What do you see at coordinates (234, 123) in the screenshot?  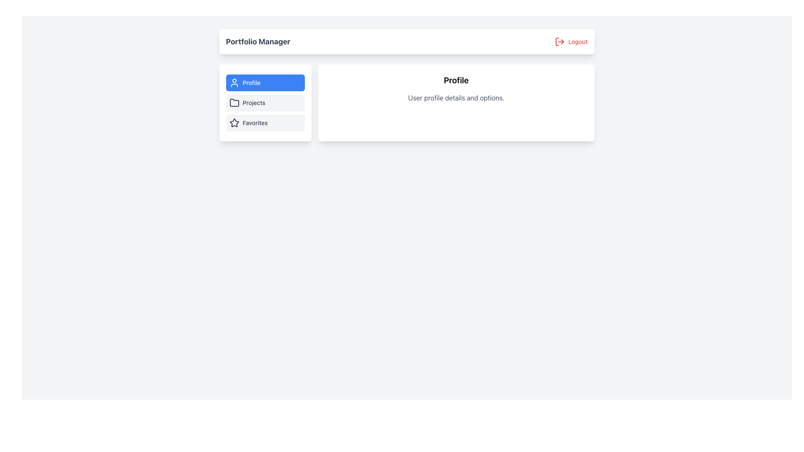 I see `the star-shaped icon associated with the 'Favorites' feature in the vertical navigation bar` at bounding box center [234, 123].